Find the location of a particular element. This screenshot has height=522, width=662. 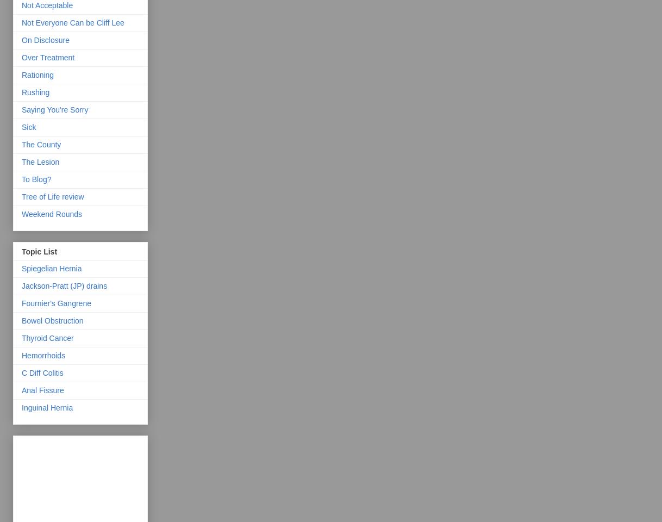

'To Blog?' is located at coordinates (35, 179).